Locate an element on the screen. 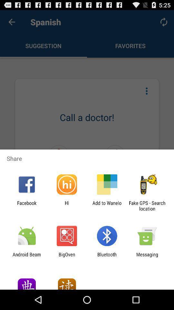  the fake gps search icon is located at coordinates (147, 205).